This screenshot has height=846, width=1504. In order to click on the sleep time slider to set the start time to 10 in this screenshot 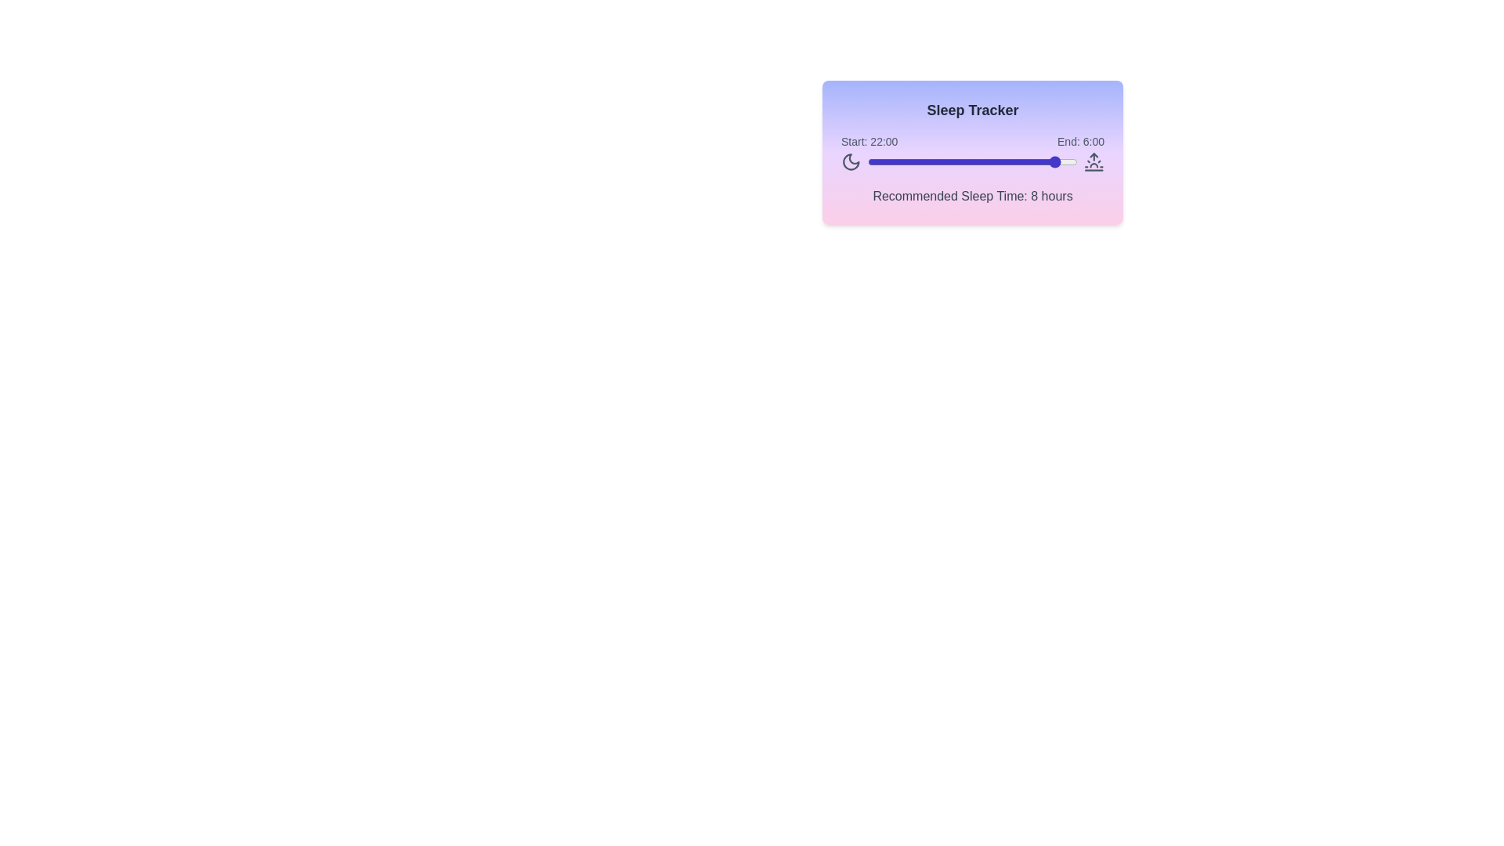, I will do `click(954, 162)`.